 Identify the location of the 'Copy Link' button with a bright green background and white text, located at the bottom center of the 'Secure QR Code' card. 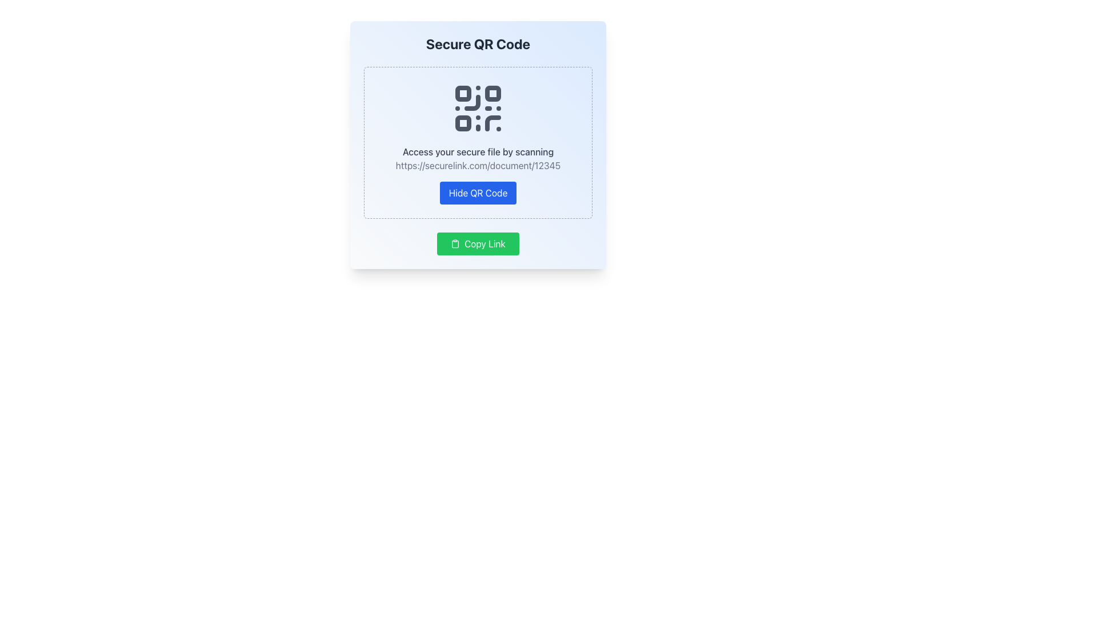
(478, 243).